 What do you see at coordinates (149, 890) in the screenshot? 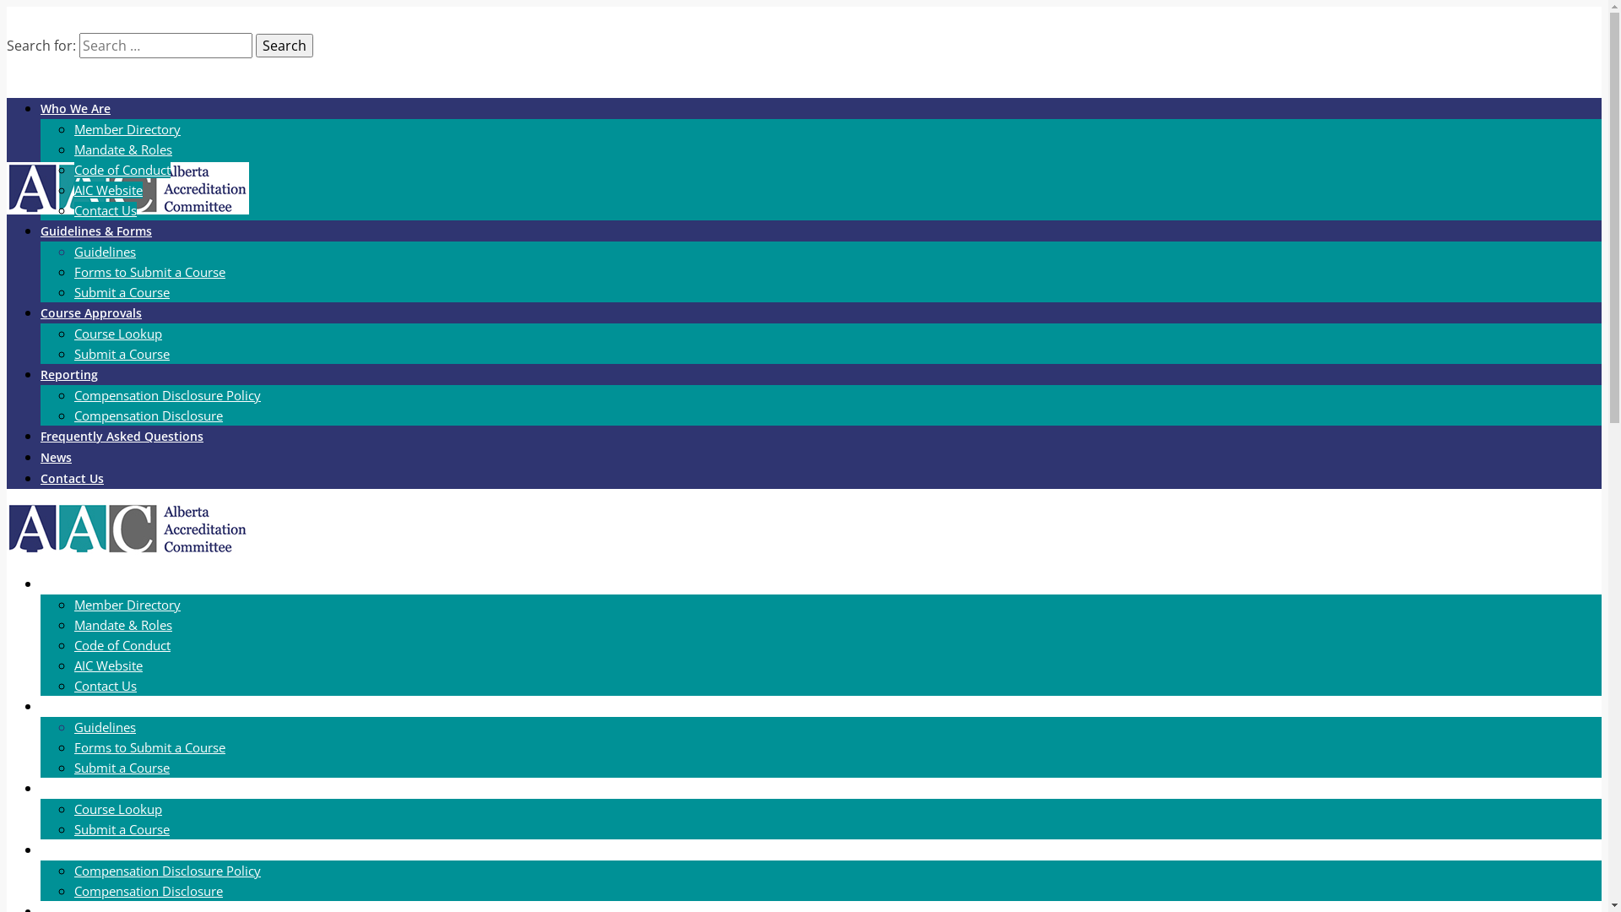
I see `'Compensation Disclosure'` at bounding box center [149, 890].